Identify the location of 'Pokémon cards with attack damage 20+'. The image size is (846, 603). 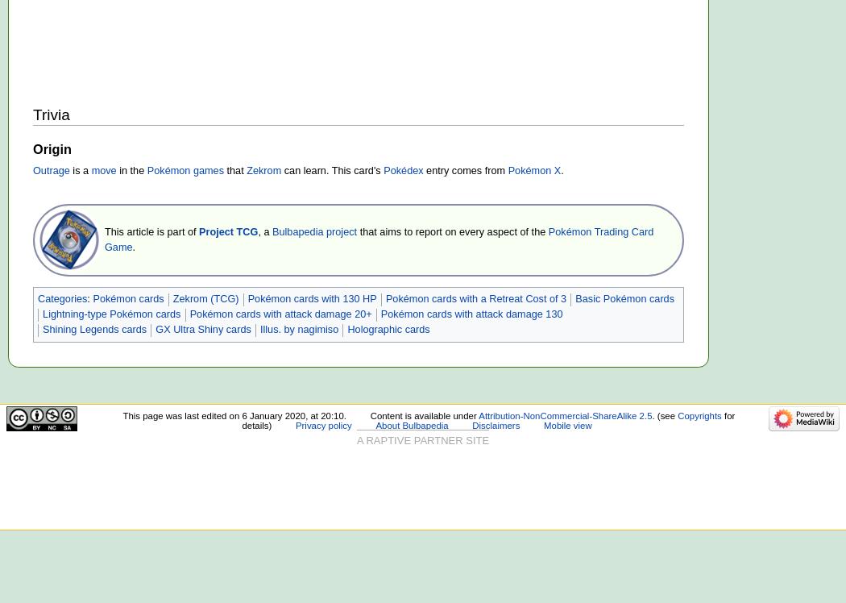
(279, 314).